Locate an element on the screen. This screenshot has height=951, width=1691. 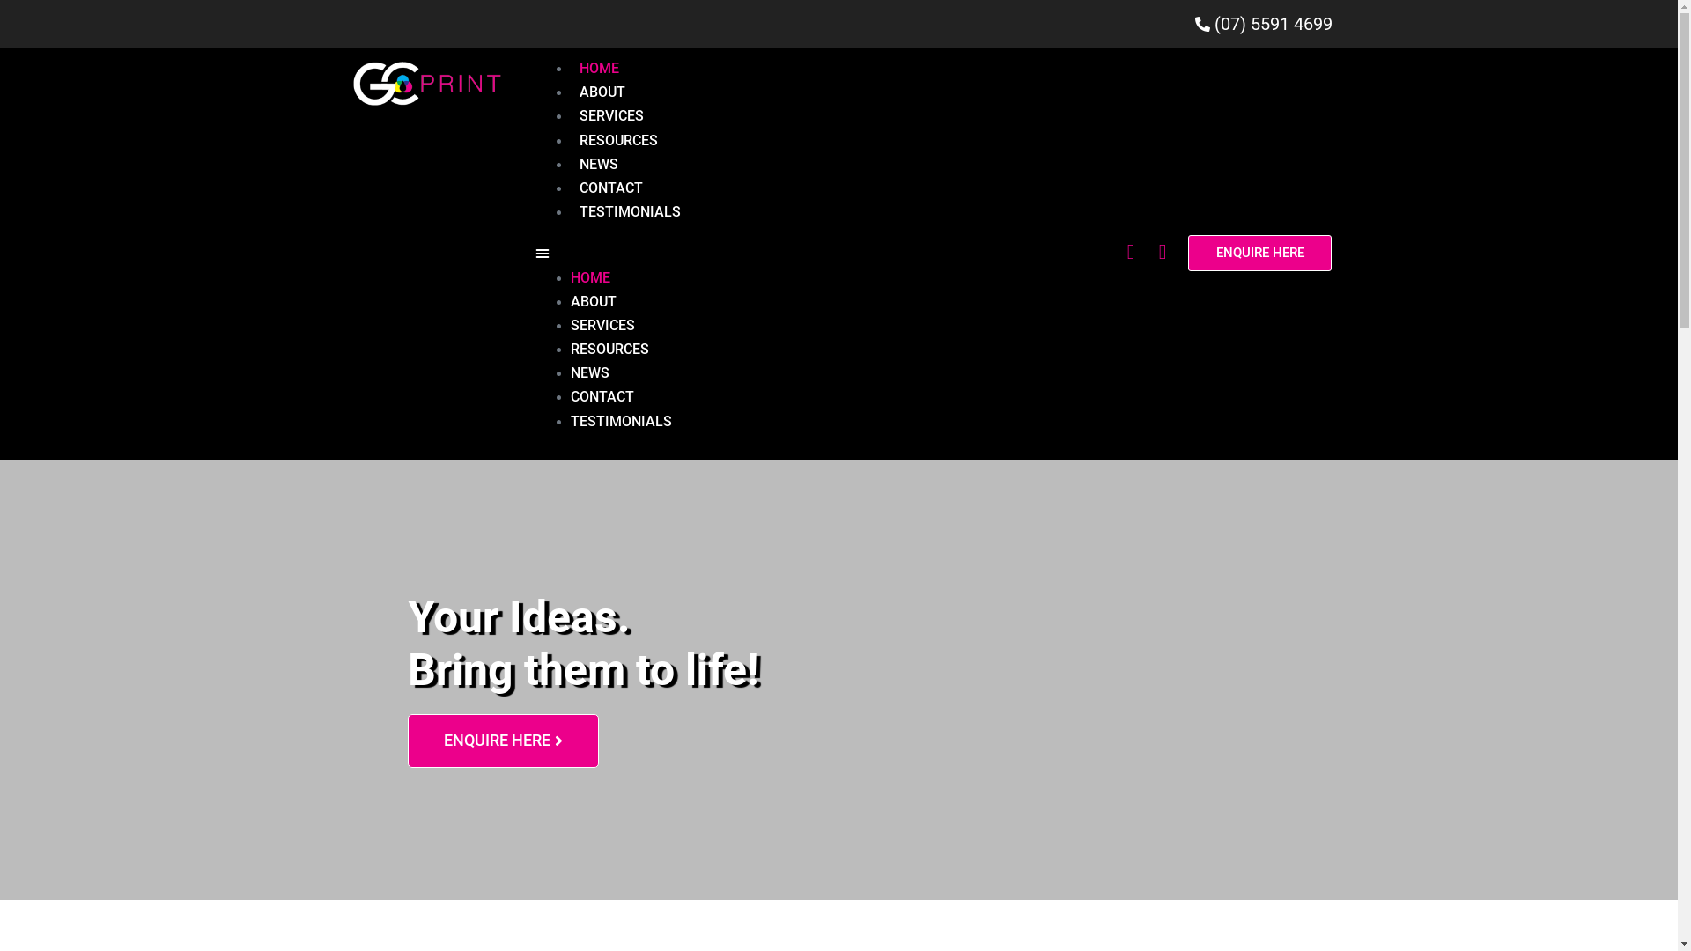
'ABOUT' is located at coordinates (593, 300).